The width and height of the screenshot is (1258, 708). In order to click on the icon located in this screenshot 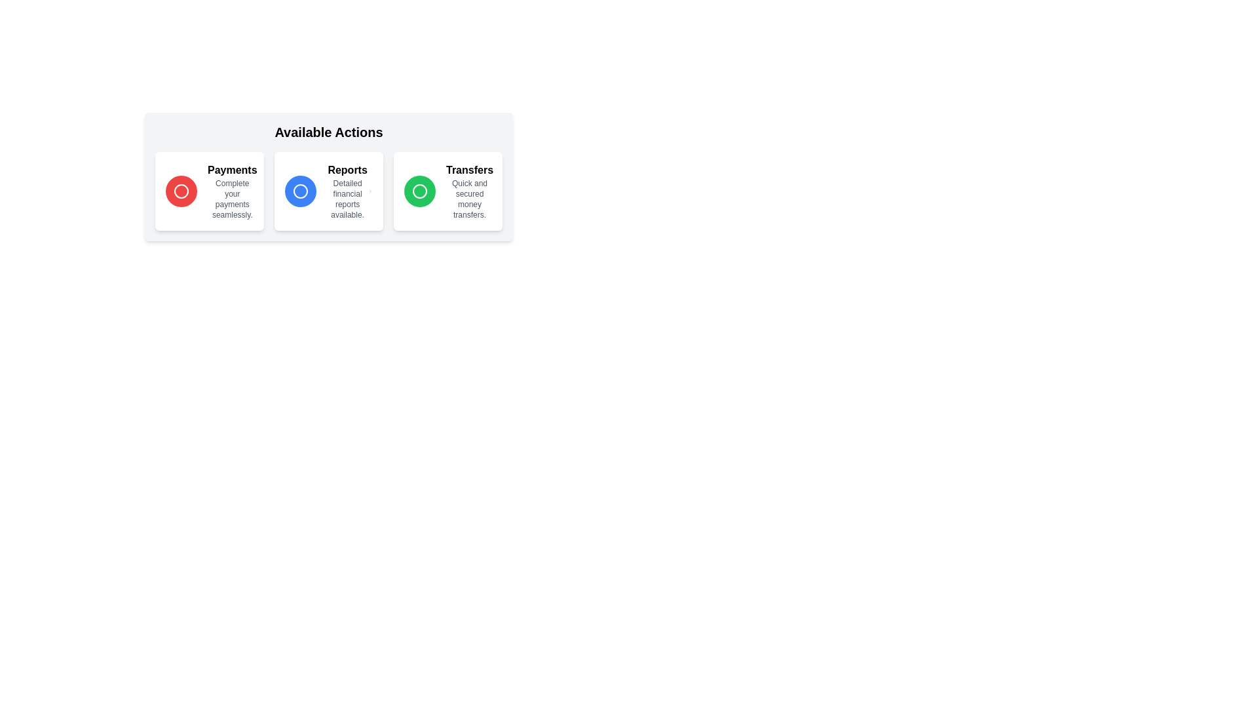, I will do `click(300, 191)`.